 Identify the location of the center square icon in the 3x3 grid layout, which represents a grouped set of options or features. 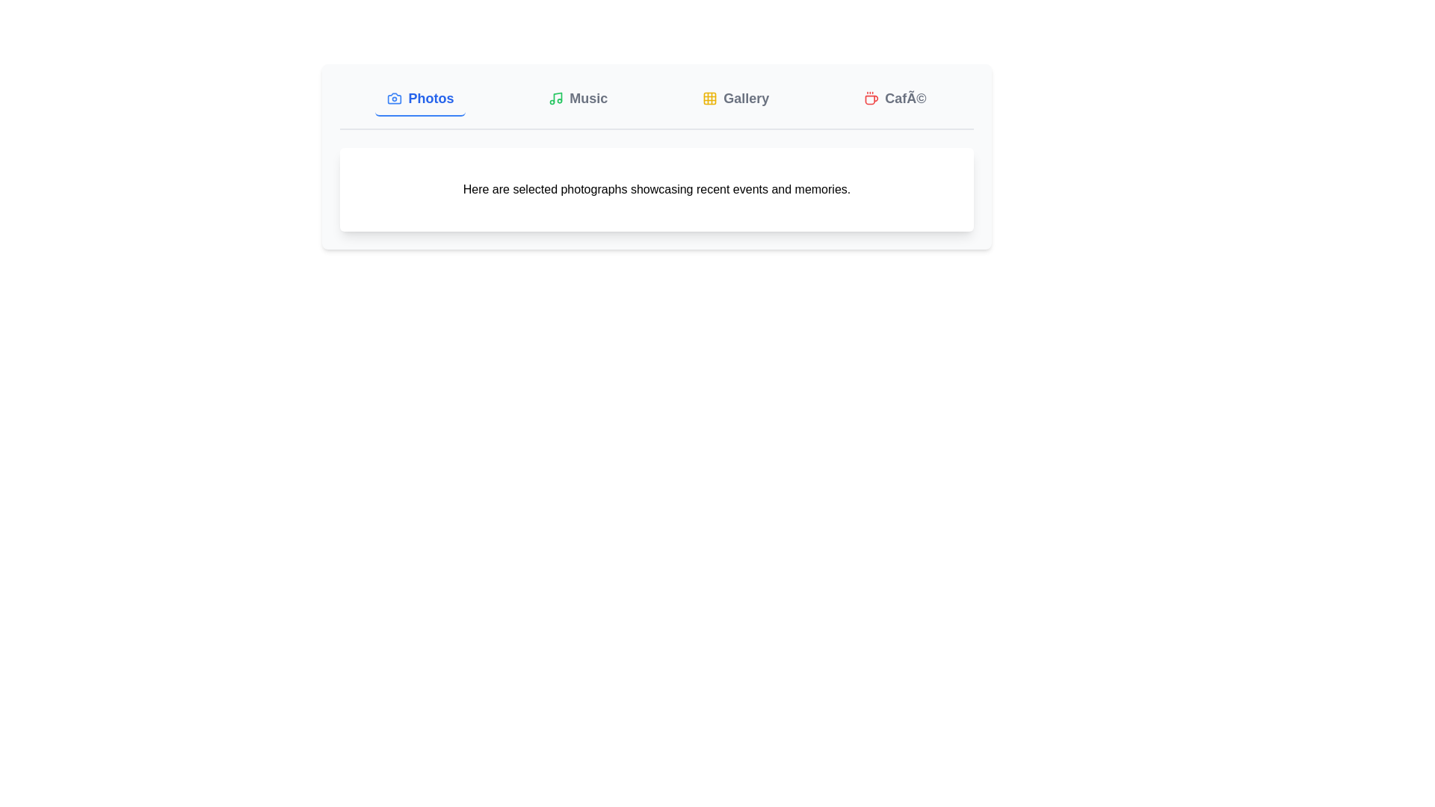
(709, 98).